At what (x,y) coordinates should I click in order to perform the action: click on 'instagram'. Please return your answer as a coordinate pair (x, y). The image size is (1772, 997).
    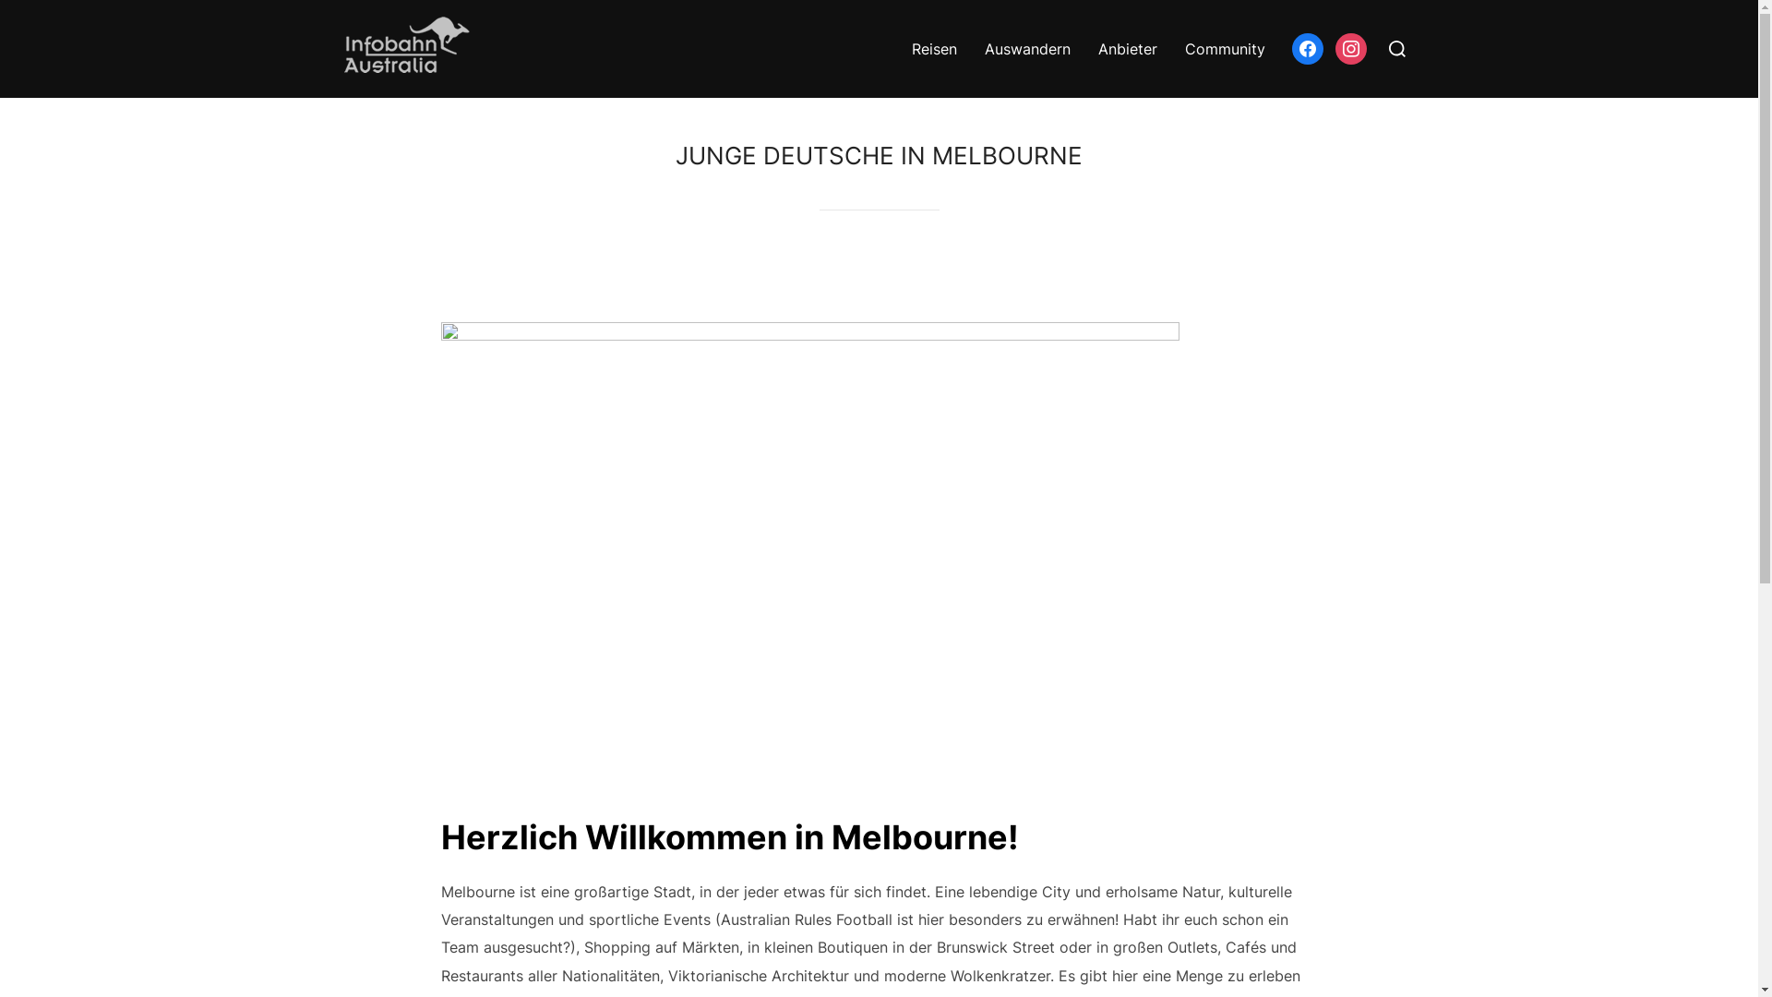
    Looking at the image, I should click on (1334, 45).